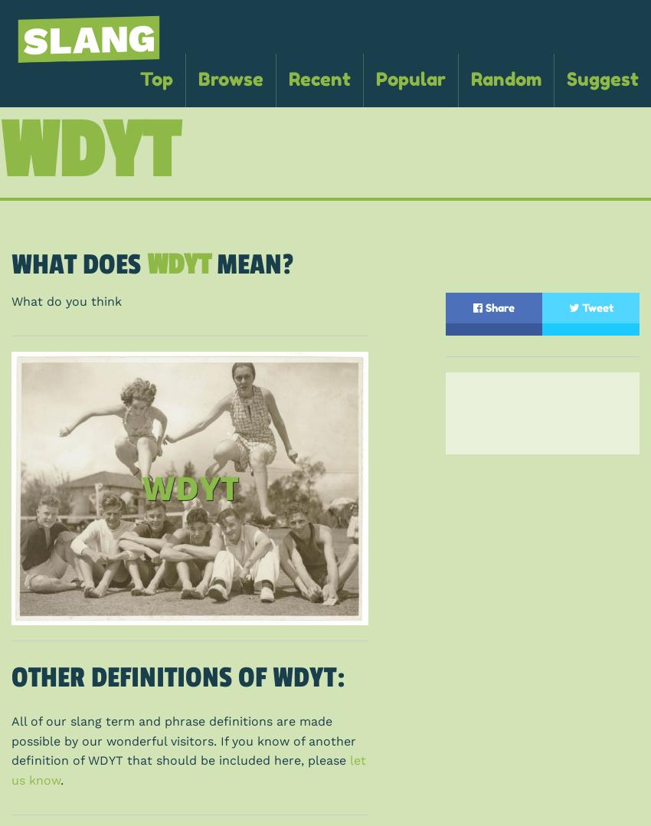 This screenshot has height=826, width=651. I want to click on 'Other definitions of WDYT:', so click(178, 676).